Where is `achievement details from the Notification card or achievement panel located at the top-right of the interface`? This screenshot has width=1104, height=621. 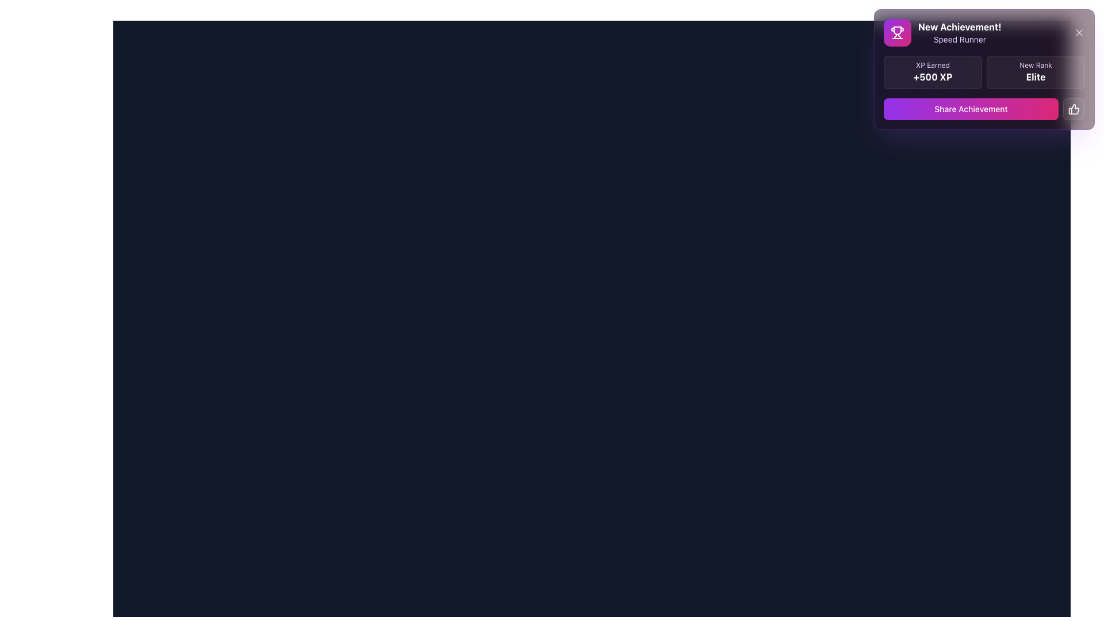
achievement details from the Notification card or achievement panel located at the top-right of the interface is located at coordinates (984, 69).